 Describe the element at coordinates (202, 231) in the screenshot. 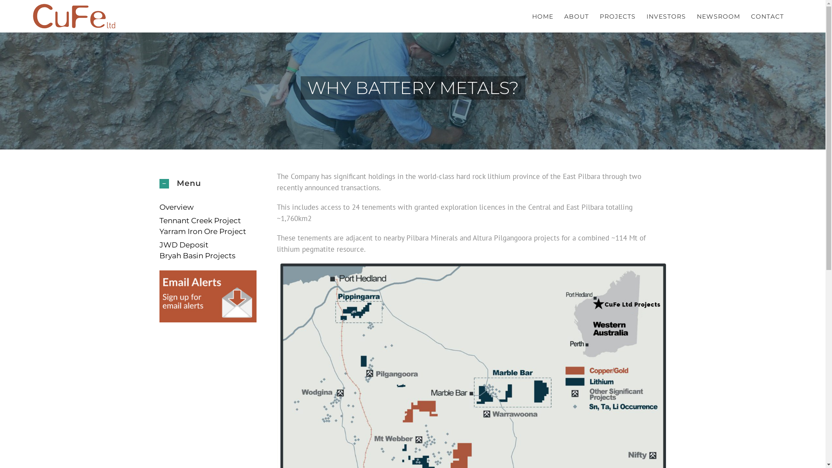

I see `'Yarram Iron Ore Project'` at that location.